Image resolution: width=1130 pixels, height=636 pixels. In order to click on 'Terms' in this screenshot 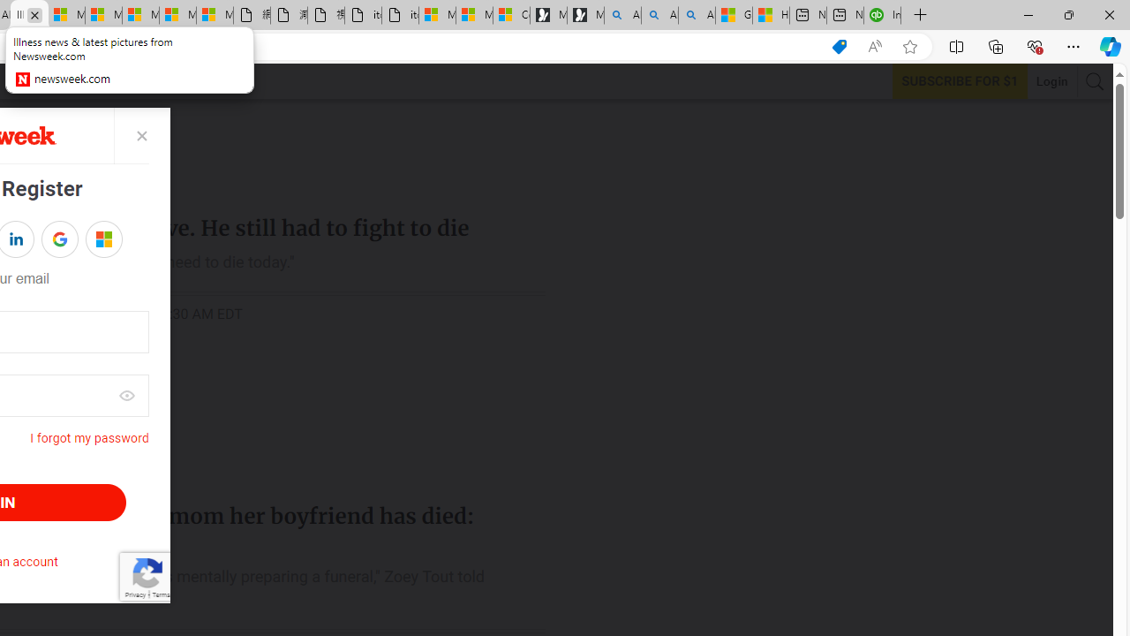, I will do `click(162, 594)`.